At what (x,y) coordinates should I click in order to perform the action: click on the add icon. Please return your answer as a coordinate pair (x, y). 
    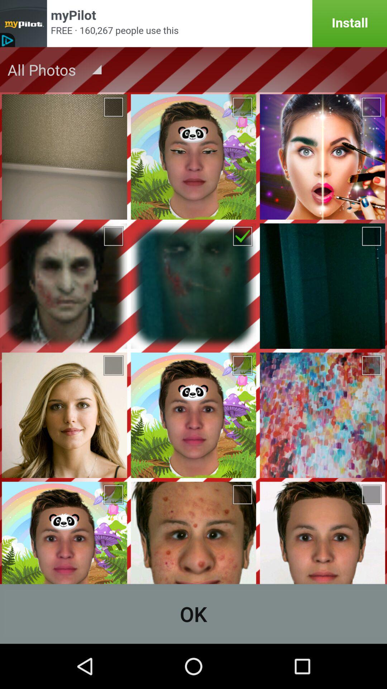
    Looking at the image, I should click on (322, 643).